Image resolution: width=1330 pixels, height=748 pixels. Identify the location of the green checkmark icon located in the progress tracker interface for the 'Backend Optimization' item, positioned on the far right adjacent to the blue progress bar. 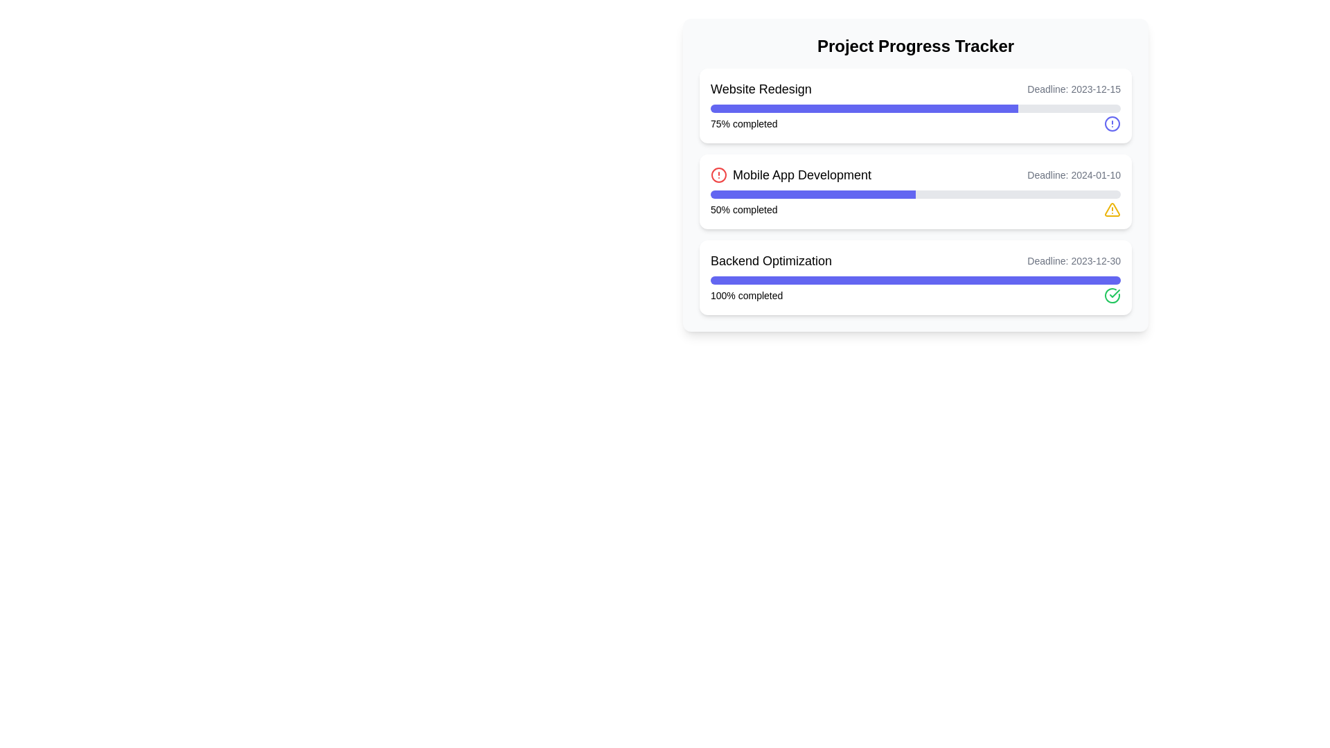
(1115, 293).